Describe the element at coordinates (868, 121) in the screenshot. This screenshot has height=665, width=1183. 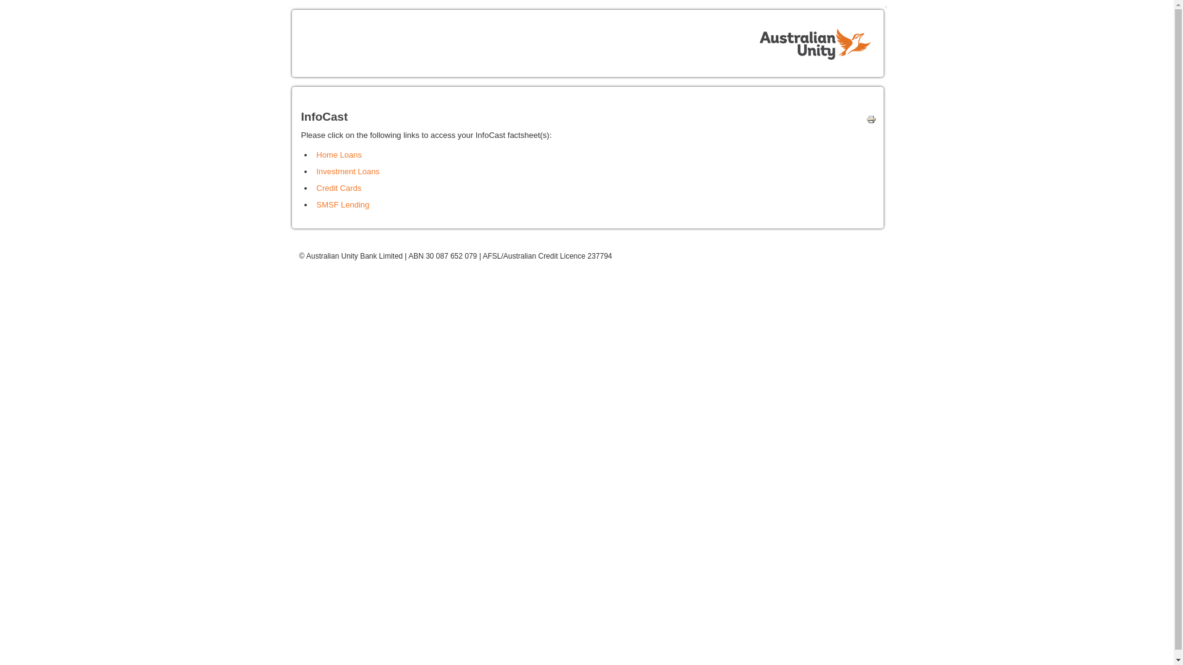
I see `'Print'` at that location.